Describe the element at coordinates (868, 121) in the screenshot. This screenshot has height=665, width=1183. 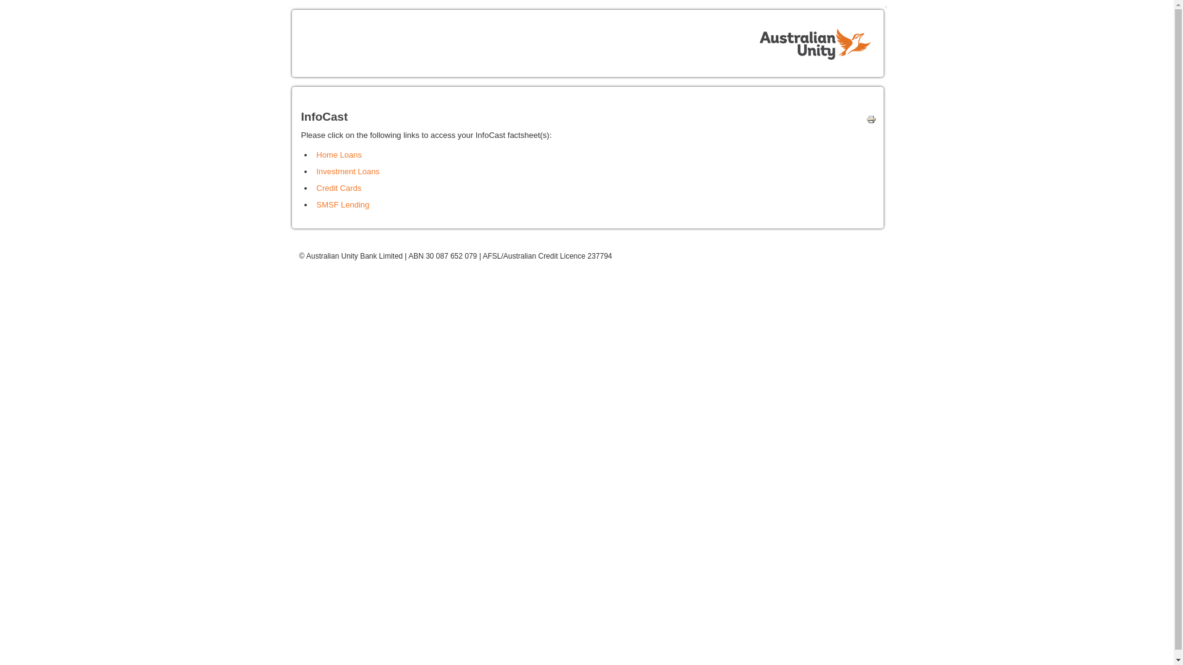
I see `'Print'` at that location.